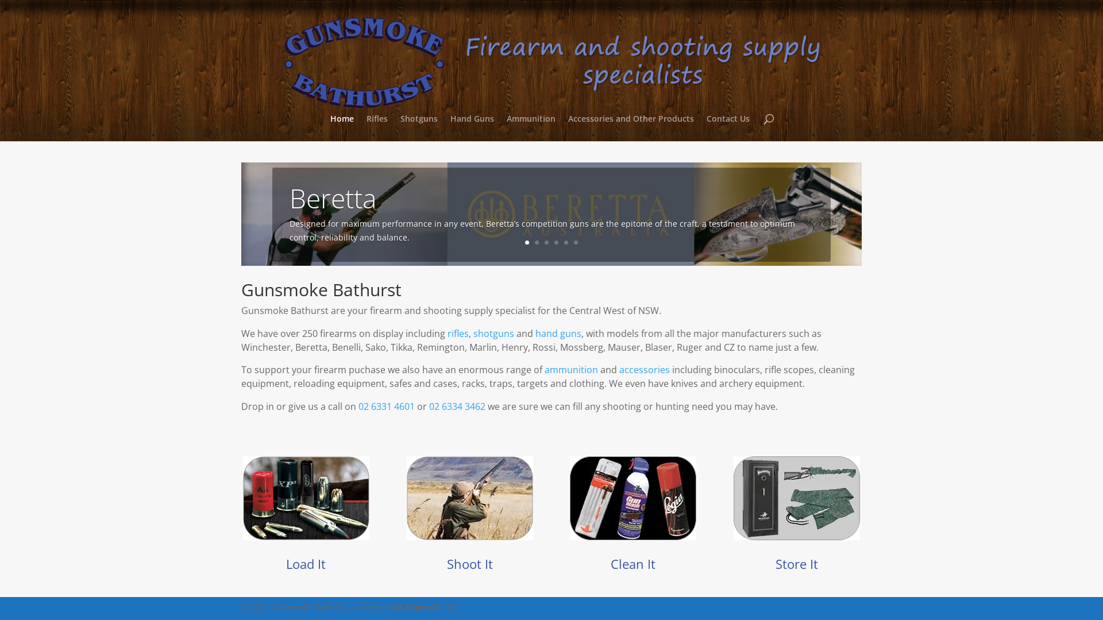 Image resolution: width=1103 pixels, height=620 pixels. What do you see at coordinates (571, 370) in the screenshot?
I see `'ammunition'` at bounding box center [571, 370].